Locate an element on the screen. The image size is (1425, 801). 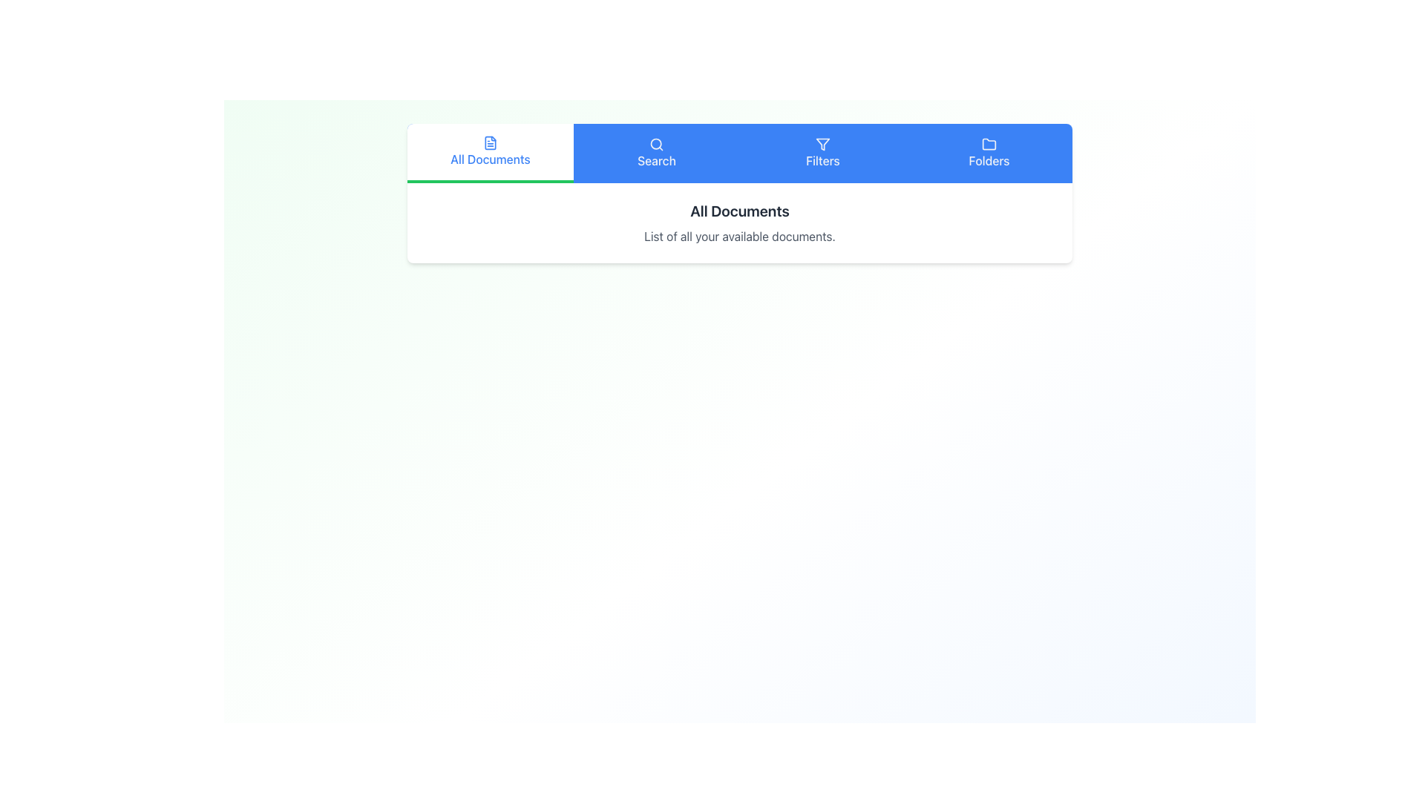
the folder icon located at the far right of the 'Folders' vertical layout is located at coordinates (989, 145).